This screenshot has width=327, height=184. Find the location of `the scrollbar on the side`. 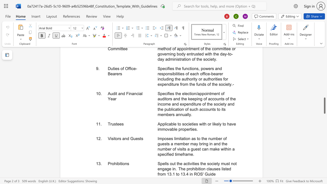

the scrollbar on the side is located at coordinates (324, 81).